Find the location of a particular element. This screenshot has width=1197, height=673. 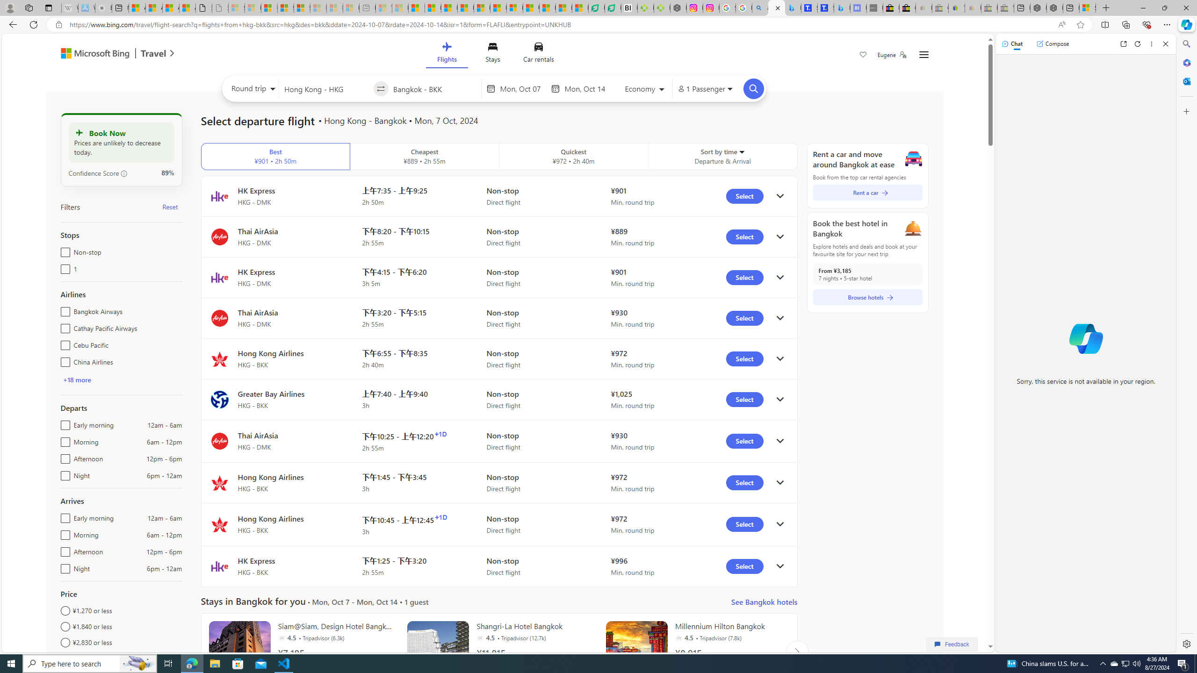

'Stays' is located at coordinates (492, 54).